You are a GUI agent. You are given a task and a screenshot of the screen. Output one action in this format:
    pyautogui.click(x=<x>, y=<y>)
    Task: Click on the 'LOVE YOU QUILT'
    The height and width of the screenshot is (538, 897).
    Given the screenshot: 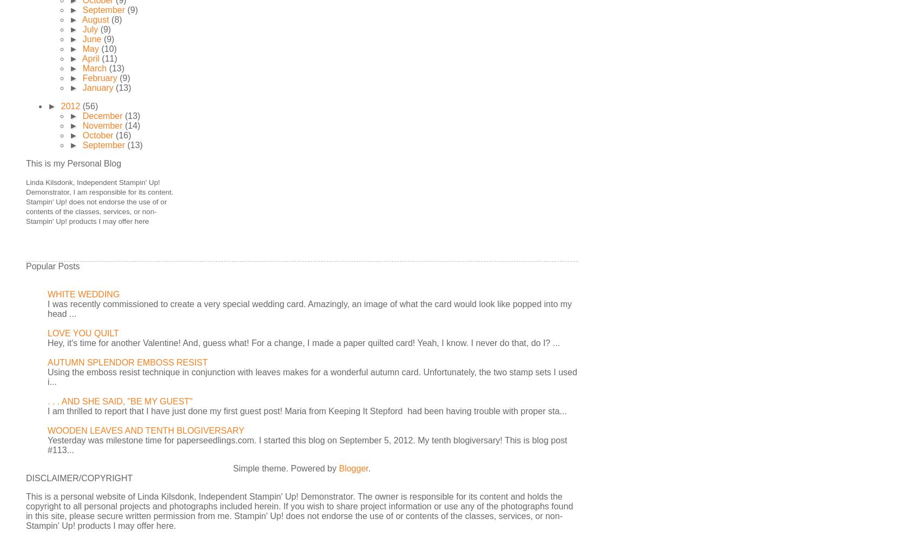 What is the action you would take?
    pyautogui.click(x=83, y=333)
    